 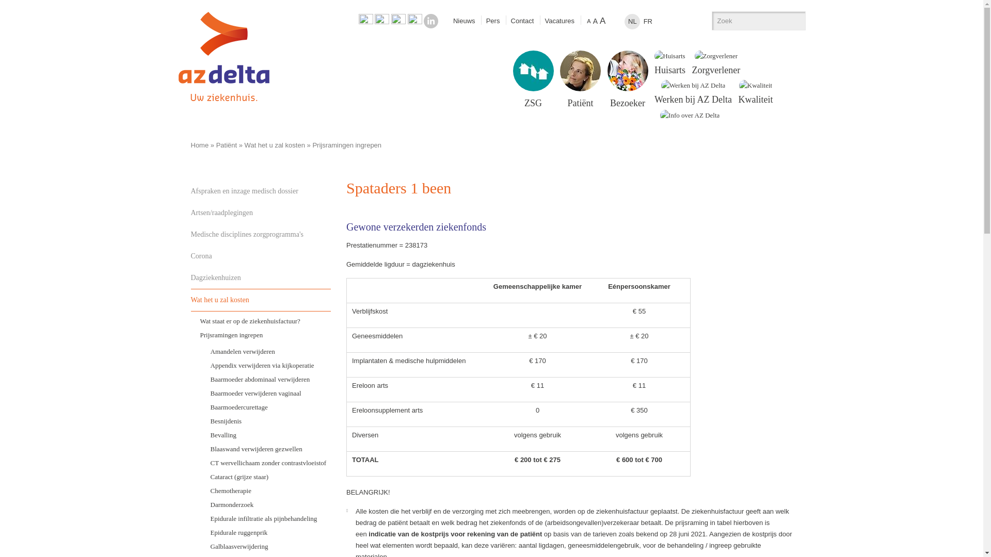 What do you see at coordinates (627, 79) in the screenshot?
I see `'Bezoeker'` at bounding box center [627, 79].